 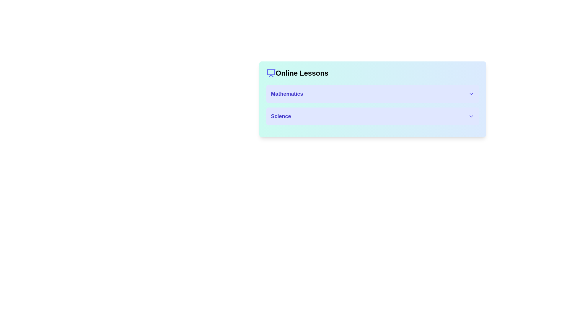 I want to click on the stylized presentation board icon with a blue outline located to the left of the 'Online Lessons' text, so click(x=271, y=73).